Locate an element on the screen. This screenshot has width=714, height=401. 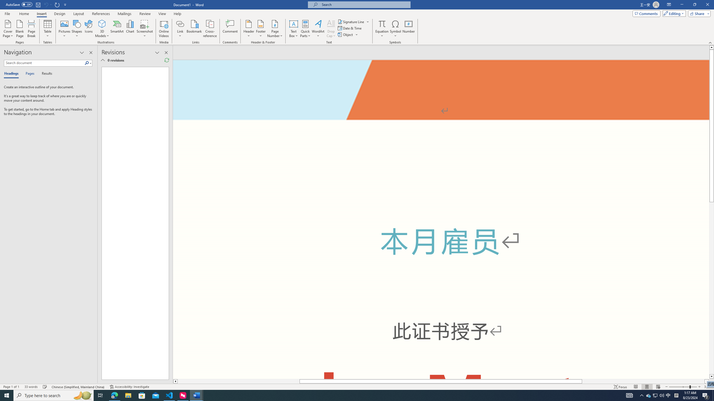
'WordArt' is located at coordinates (318, 29).